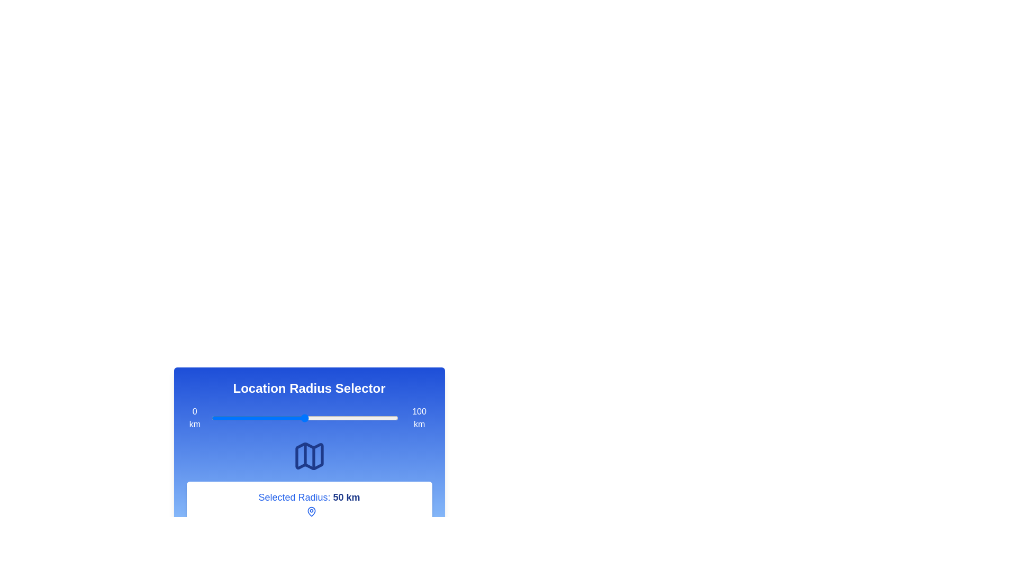  I want to click on the range slider to set the radius to 16 km, so click(241, 417).